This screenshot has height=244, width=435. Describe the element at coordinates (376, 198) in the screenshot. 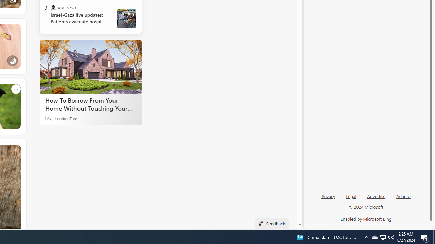

I see `'Advertise'` at that location.